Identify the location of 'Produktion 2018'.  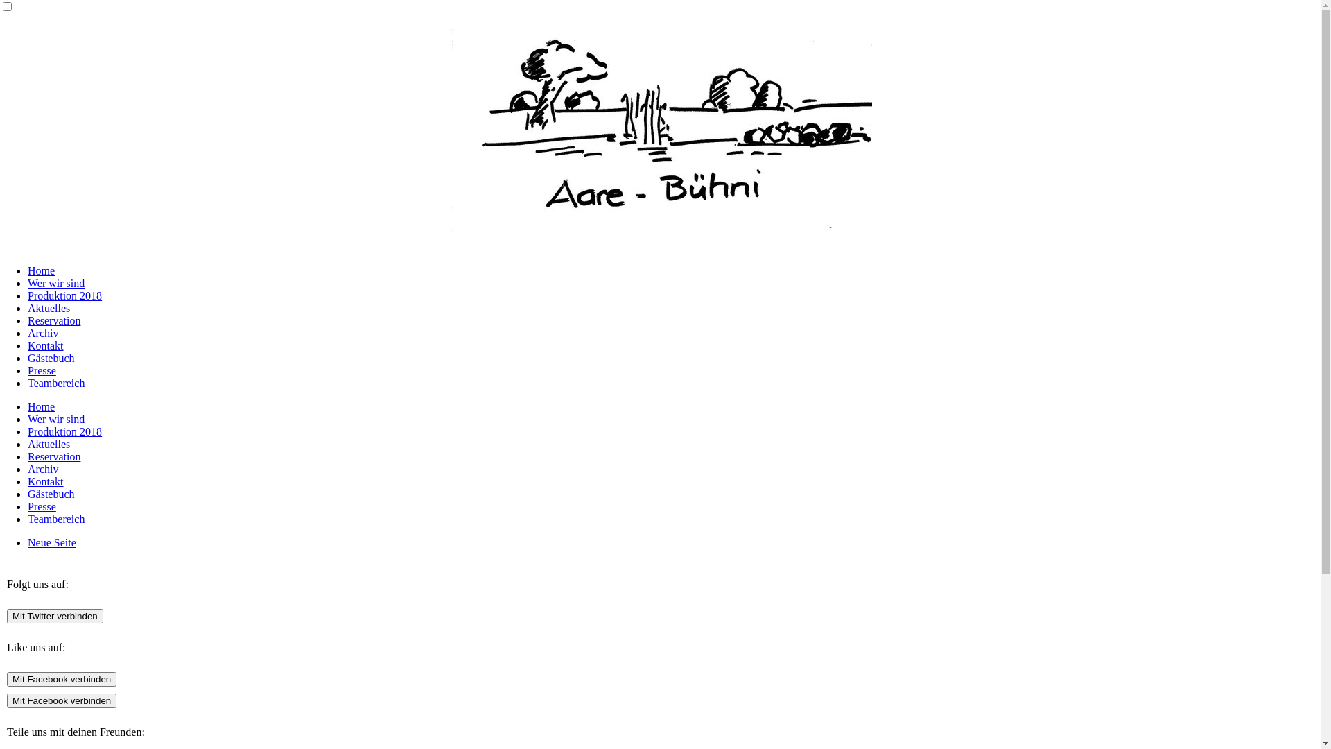
(64, 431).